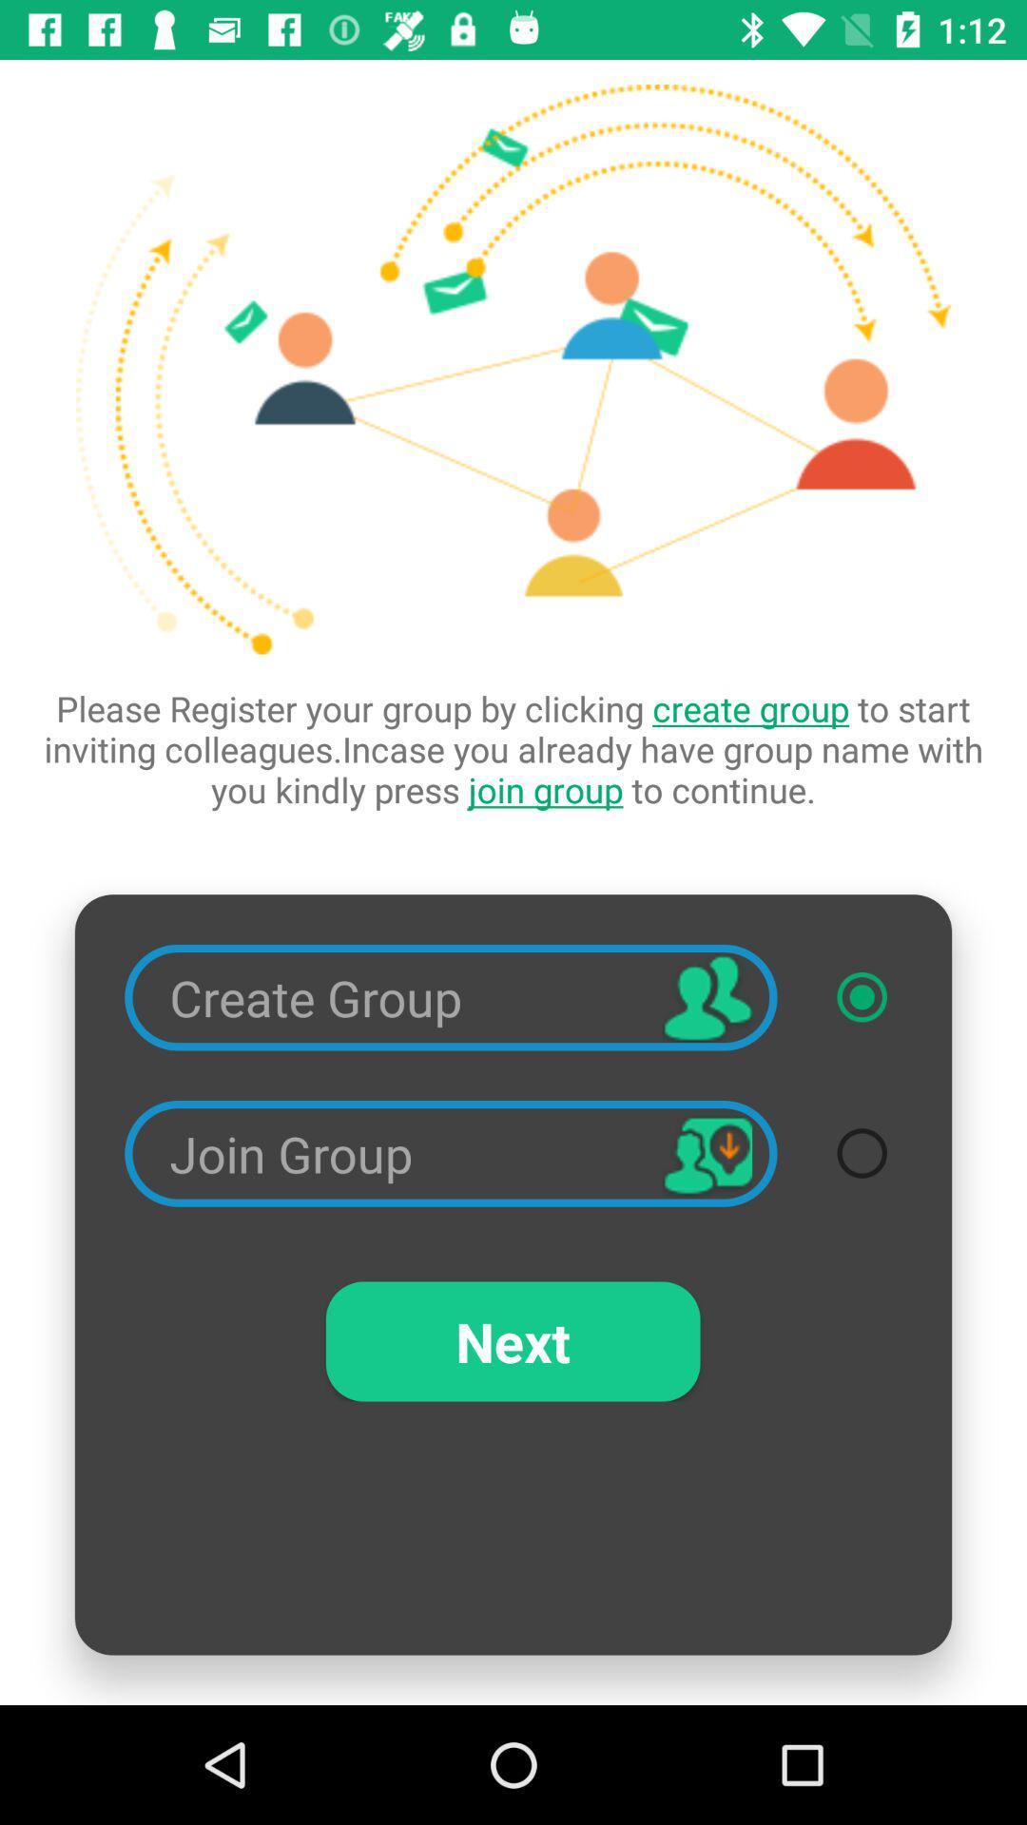  Describe the element at coordinates (862, 996) in the screenshot. I see `create group option` at that location.